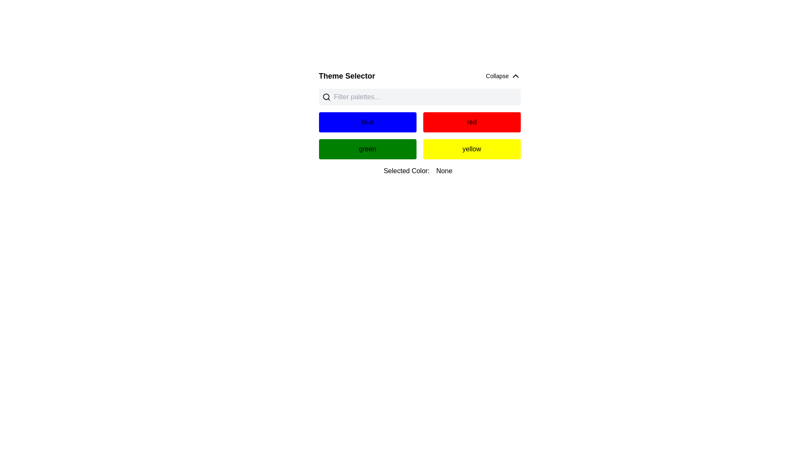  Describe the element at coordinates (367, 148) in the screenshot. I see `the green button with rounded corners labeled 'green'` at that location.